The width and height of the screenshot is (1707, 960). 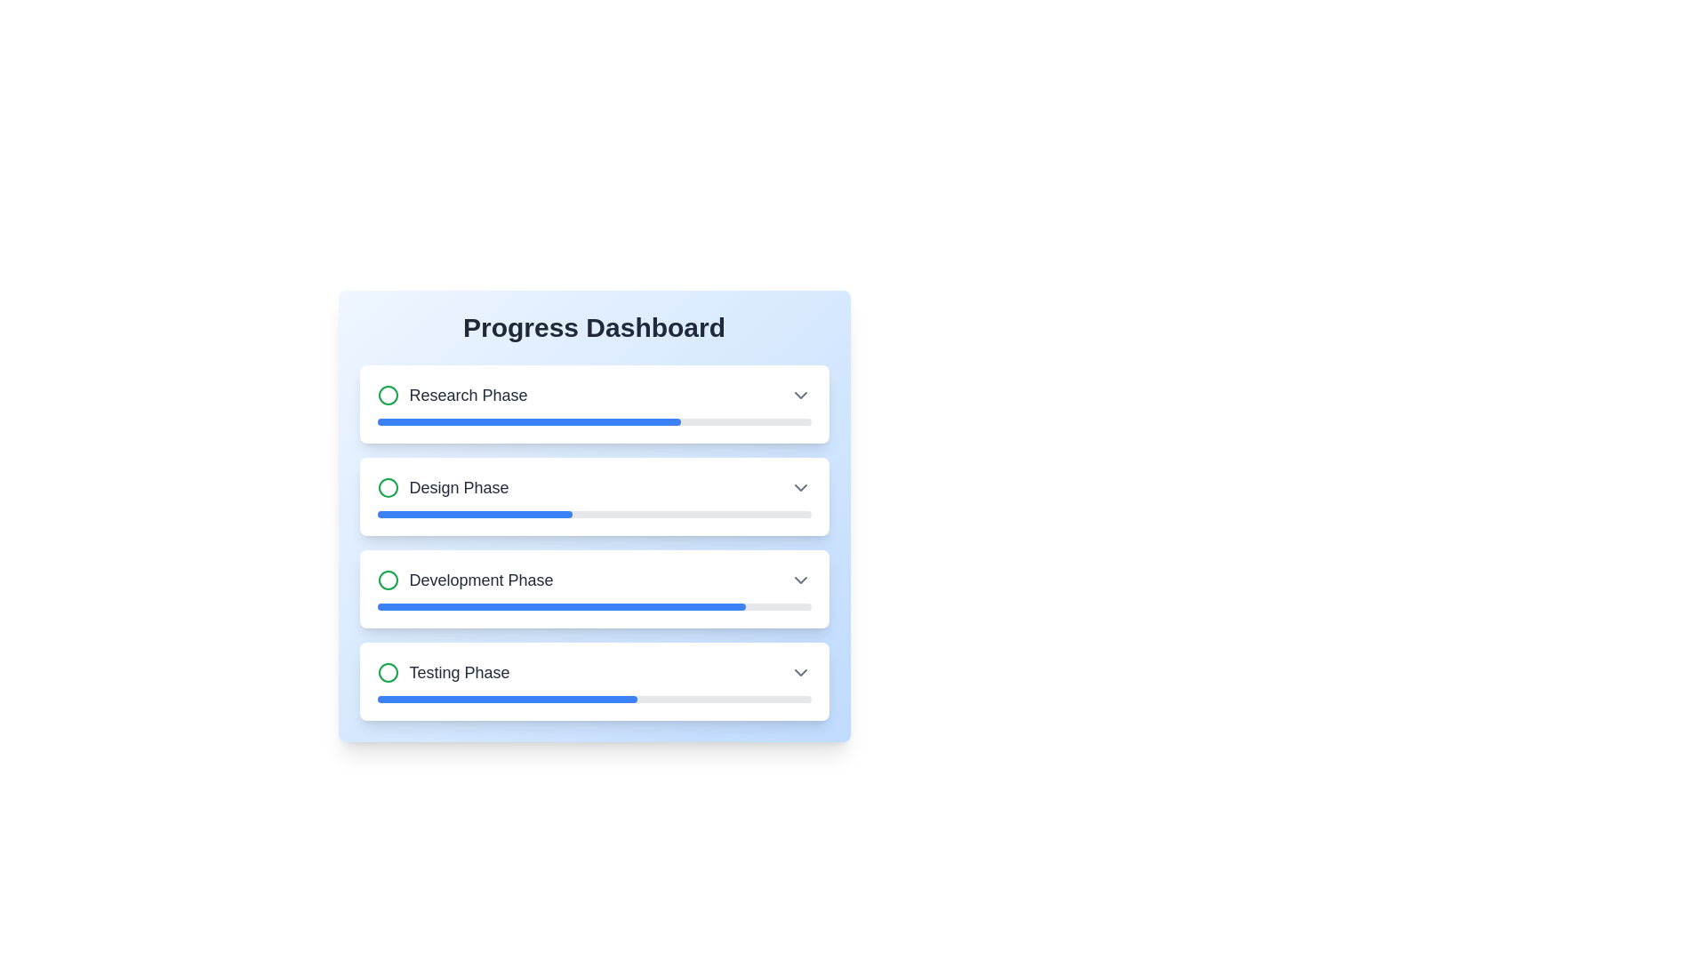 I want to click on text from the label that says 'Development Phase', which is styled in medium font size and gray color, positioned between 'Design Phase' and 'Testing Phase' on the dashboard, so click(x=465, y=580).